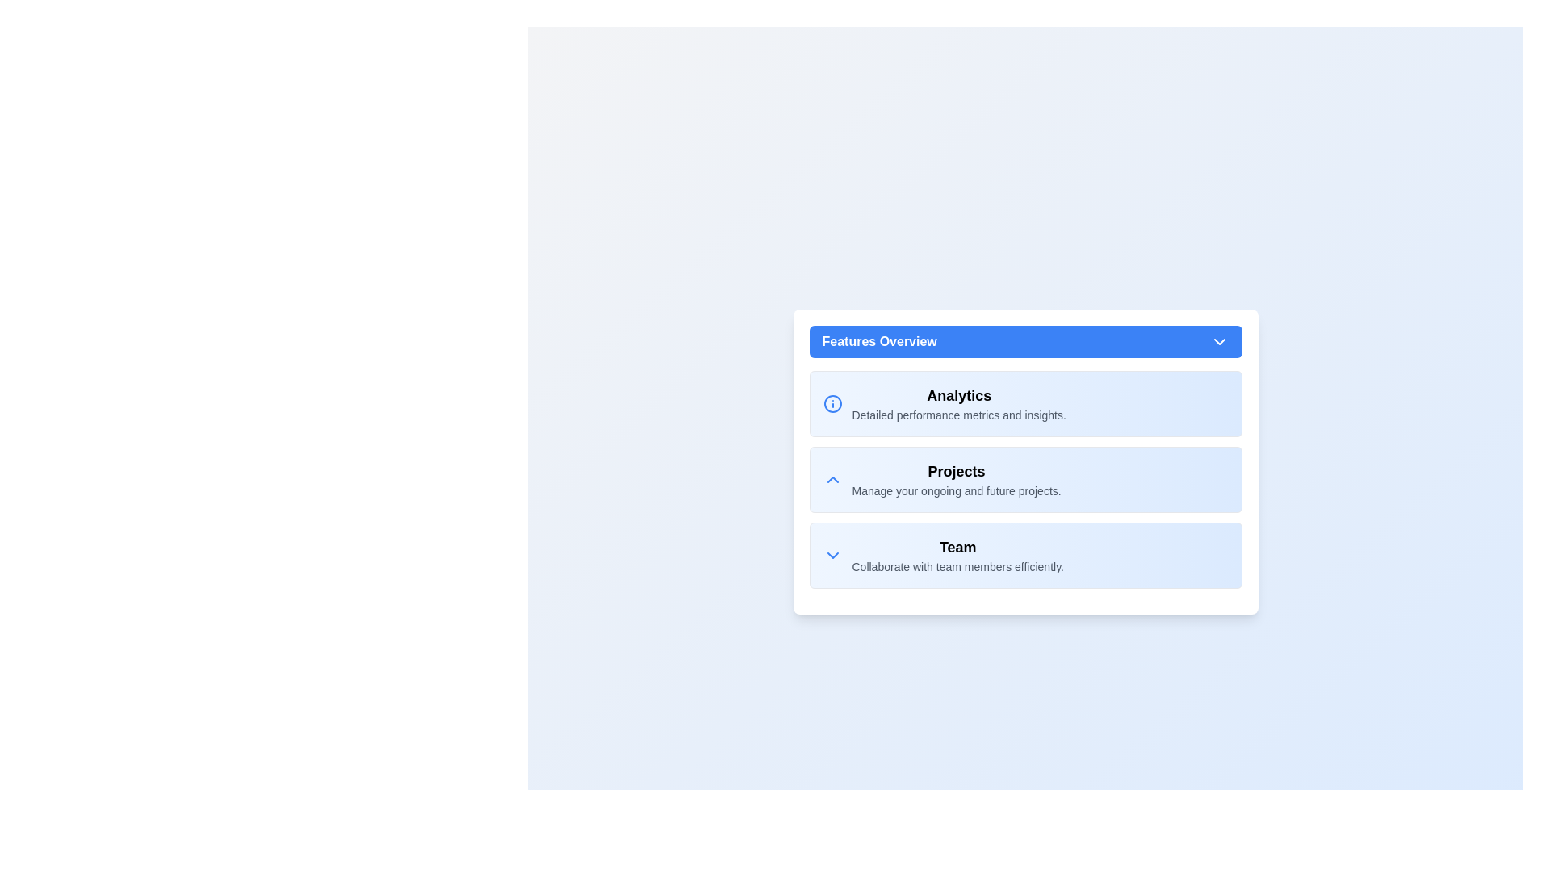 The height and width of the screenshot is (871, 1550). What do you see at coordinates (1024, 478) in the screenshot?
I see `the feature summary button located beneath the 'Analytics' option and above the 'Team' option` at bounding box center [1024, 478].